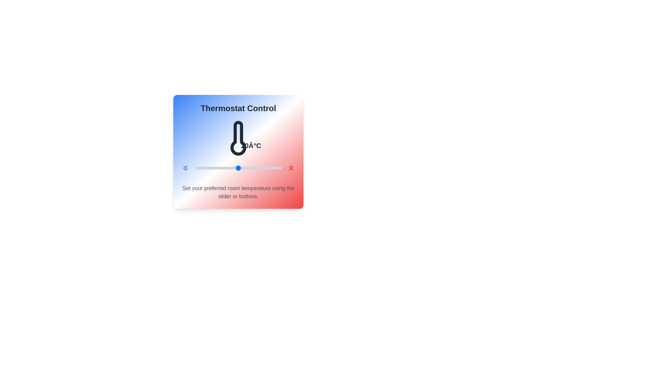  I want to click on the temperature to 10°C using the slider, so click(195, 168).